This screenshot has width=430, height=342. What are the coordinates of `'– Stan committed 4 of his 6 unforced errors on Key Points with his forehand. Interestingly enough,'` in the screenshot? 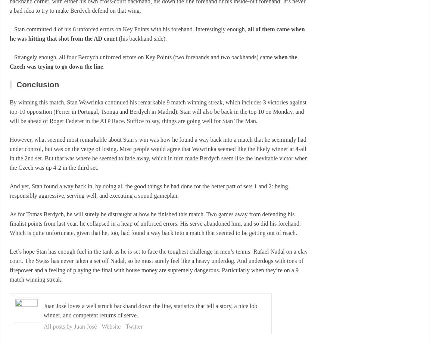 It's located at (128, 29).